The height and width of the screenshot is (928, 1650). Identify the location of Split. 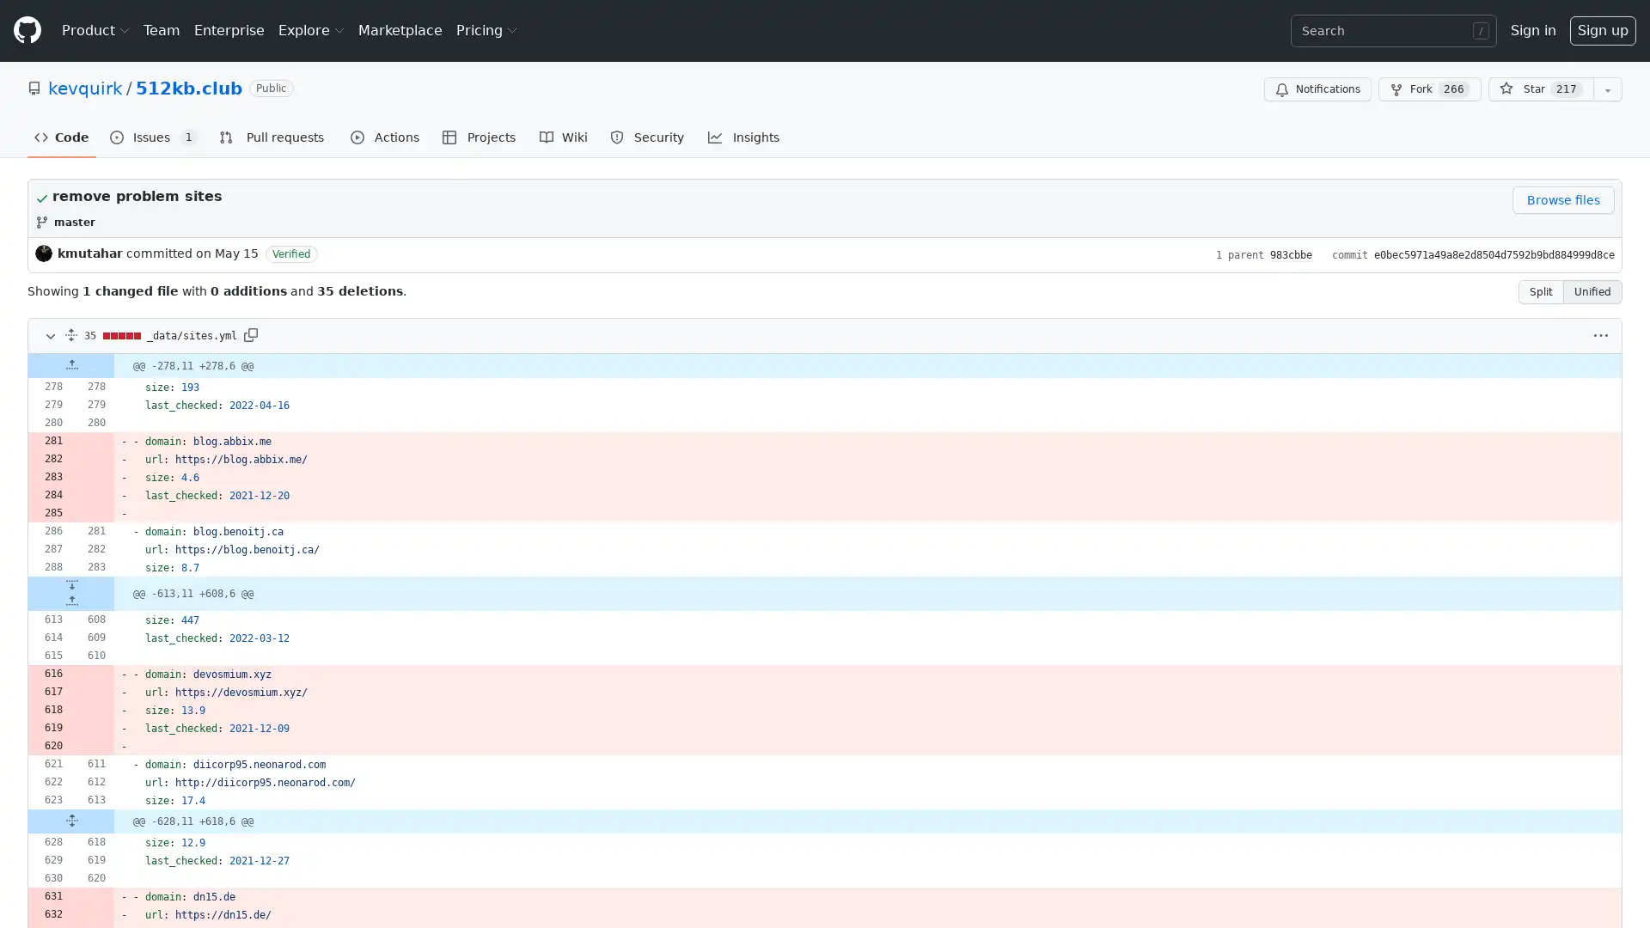
(1541, 290).